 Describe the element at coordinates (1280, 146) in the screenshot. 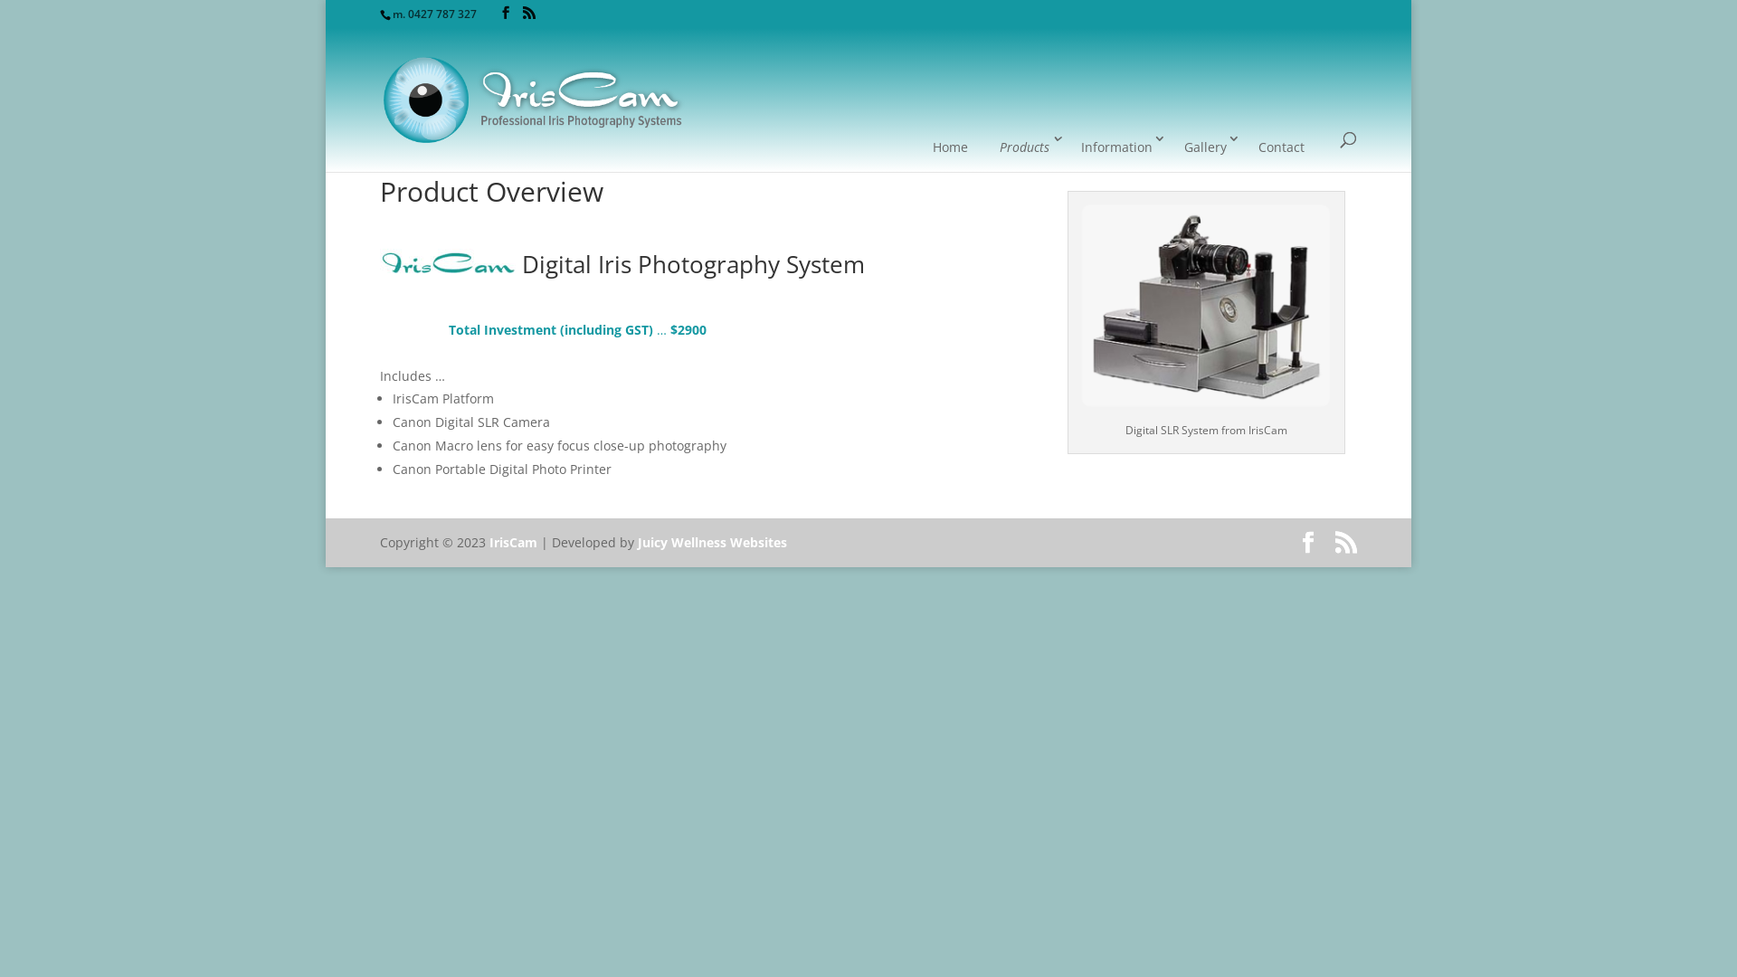

I see `'Contact'` at that location.